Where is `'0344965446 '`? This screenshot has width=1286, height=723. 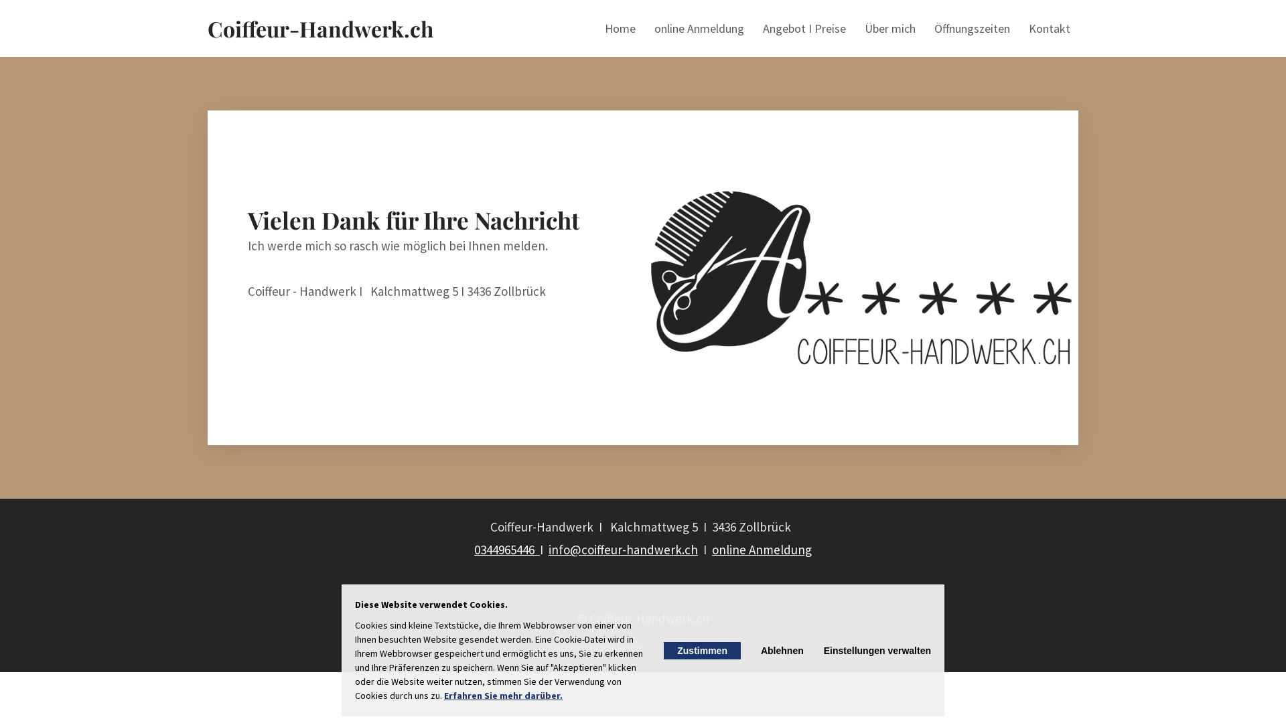
'0344965446 ' is located at coordinates (506, 550).